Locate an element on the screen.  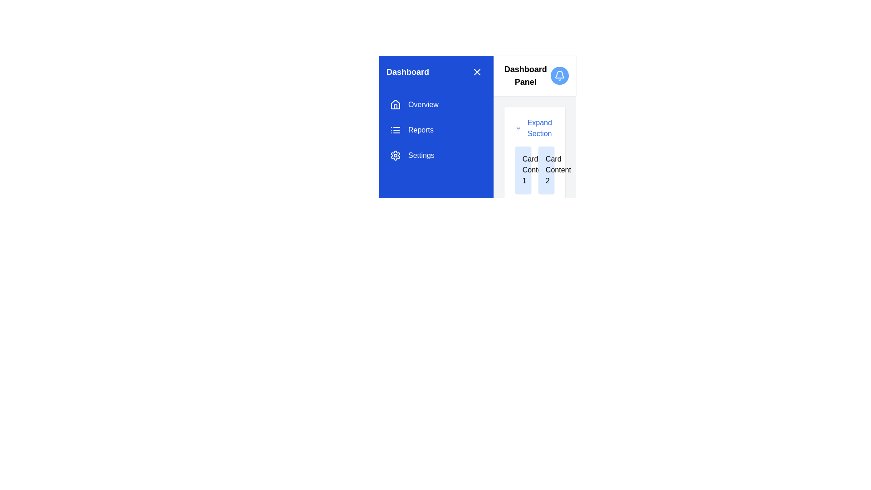
on the notification bell icon located at the top-right corner of the interface, adjacent is located at coordinates (559, 75).